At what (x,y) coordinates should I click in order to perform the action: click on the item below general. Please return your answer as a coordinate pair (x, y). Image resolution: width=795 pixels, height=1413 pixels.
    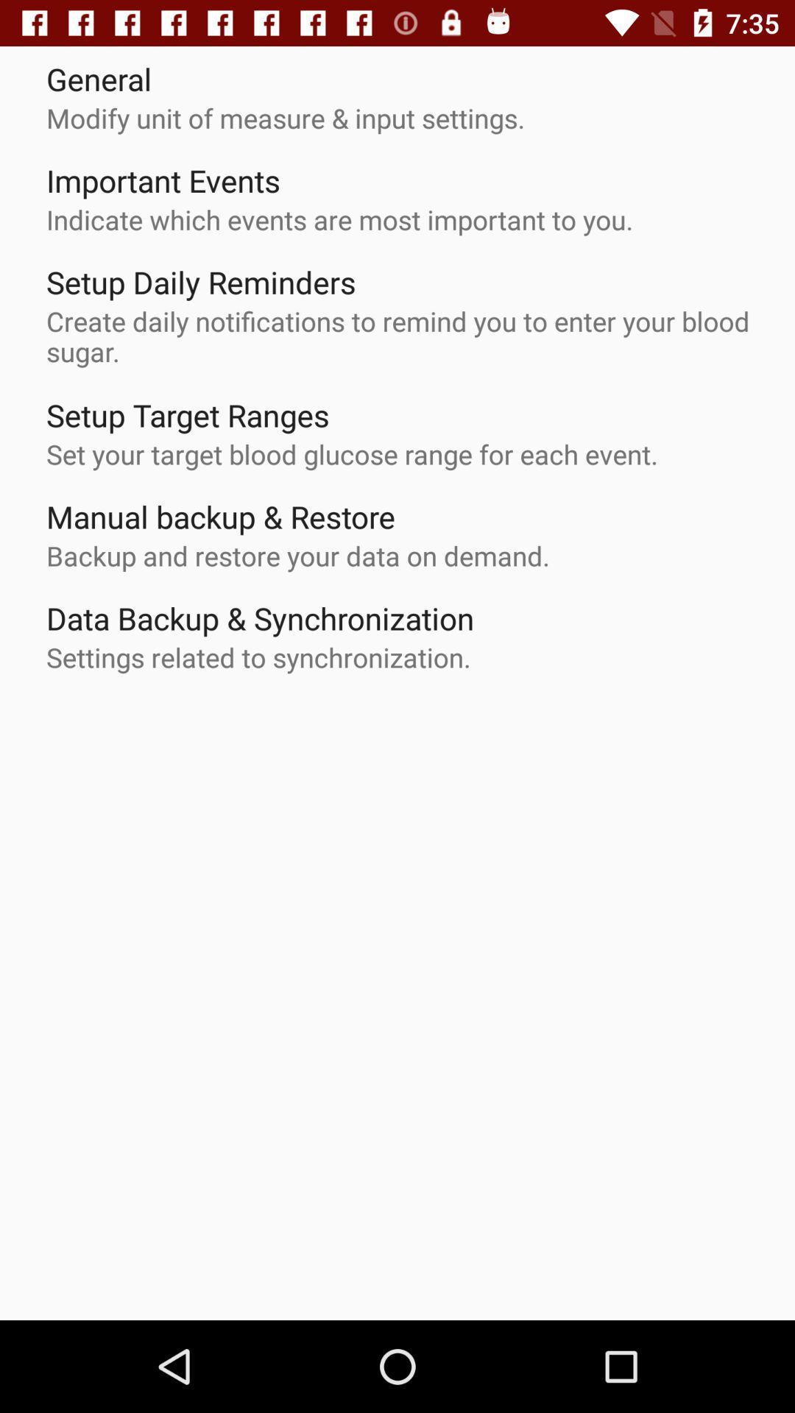
    Looking at the image, I should click on (286, 118).